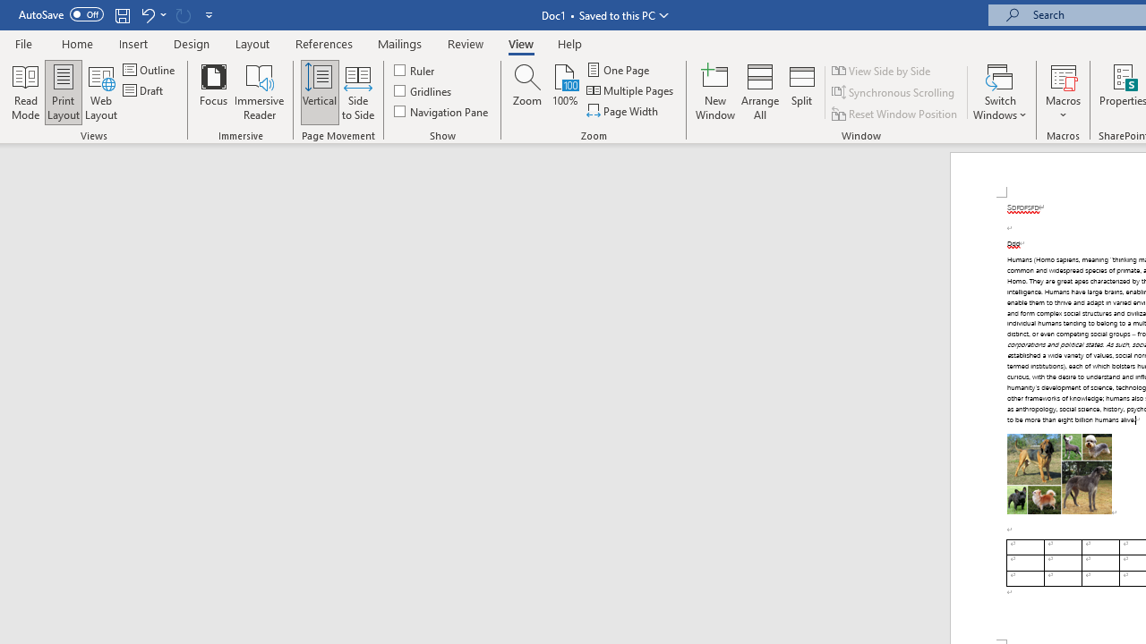 This screenshot has height=644, width=1146. What do you see at coordinates (144, 90) in the screenshot?
I see `'Draft'` at bounding box center [144, 90].